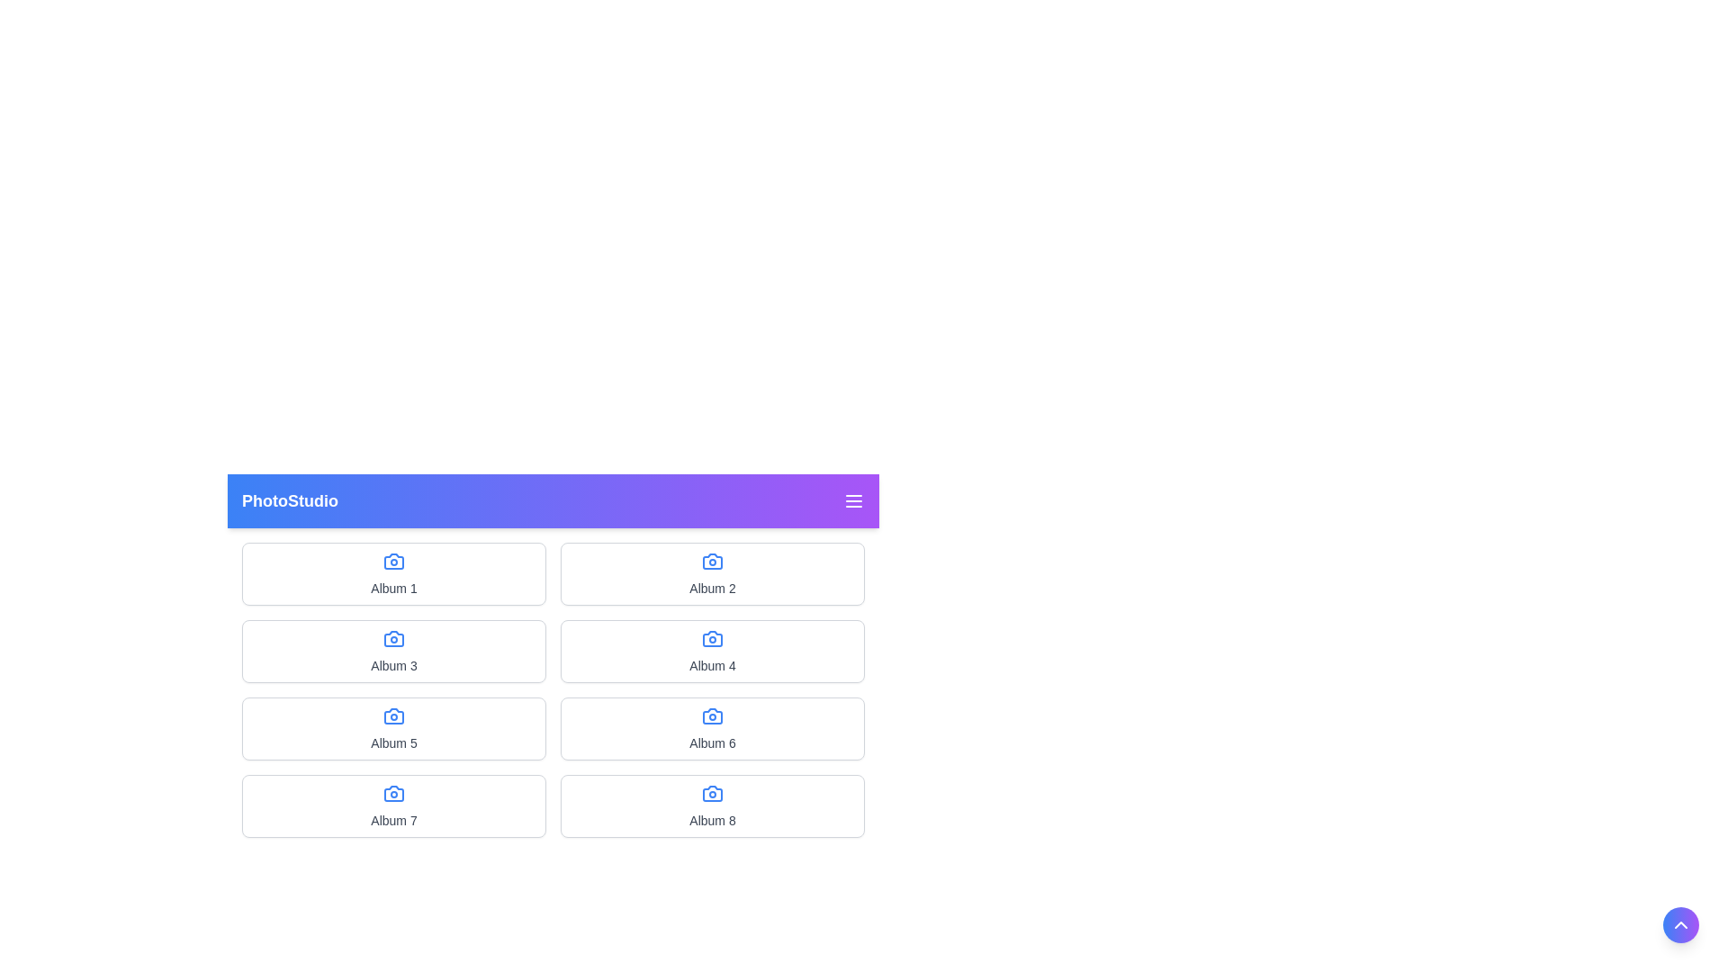 The image size is (1728, 972). I want to click on the outer shape of the camera icon in the eighth album card located in the second column of the fourth row, so click(712, 793).